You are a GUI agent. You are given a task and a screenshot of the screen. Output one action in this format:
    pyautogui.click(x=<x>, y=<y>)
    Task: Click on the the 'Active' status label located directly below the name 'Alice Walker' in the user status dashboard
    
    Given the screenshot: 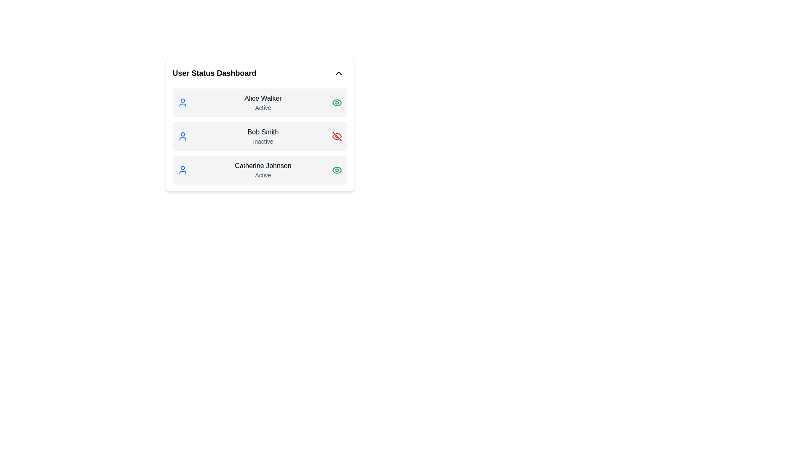 What is the action you would take?
    pyautogui.click(x=263, y=107)
    